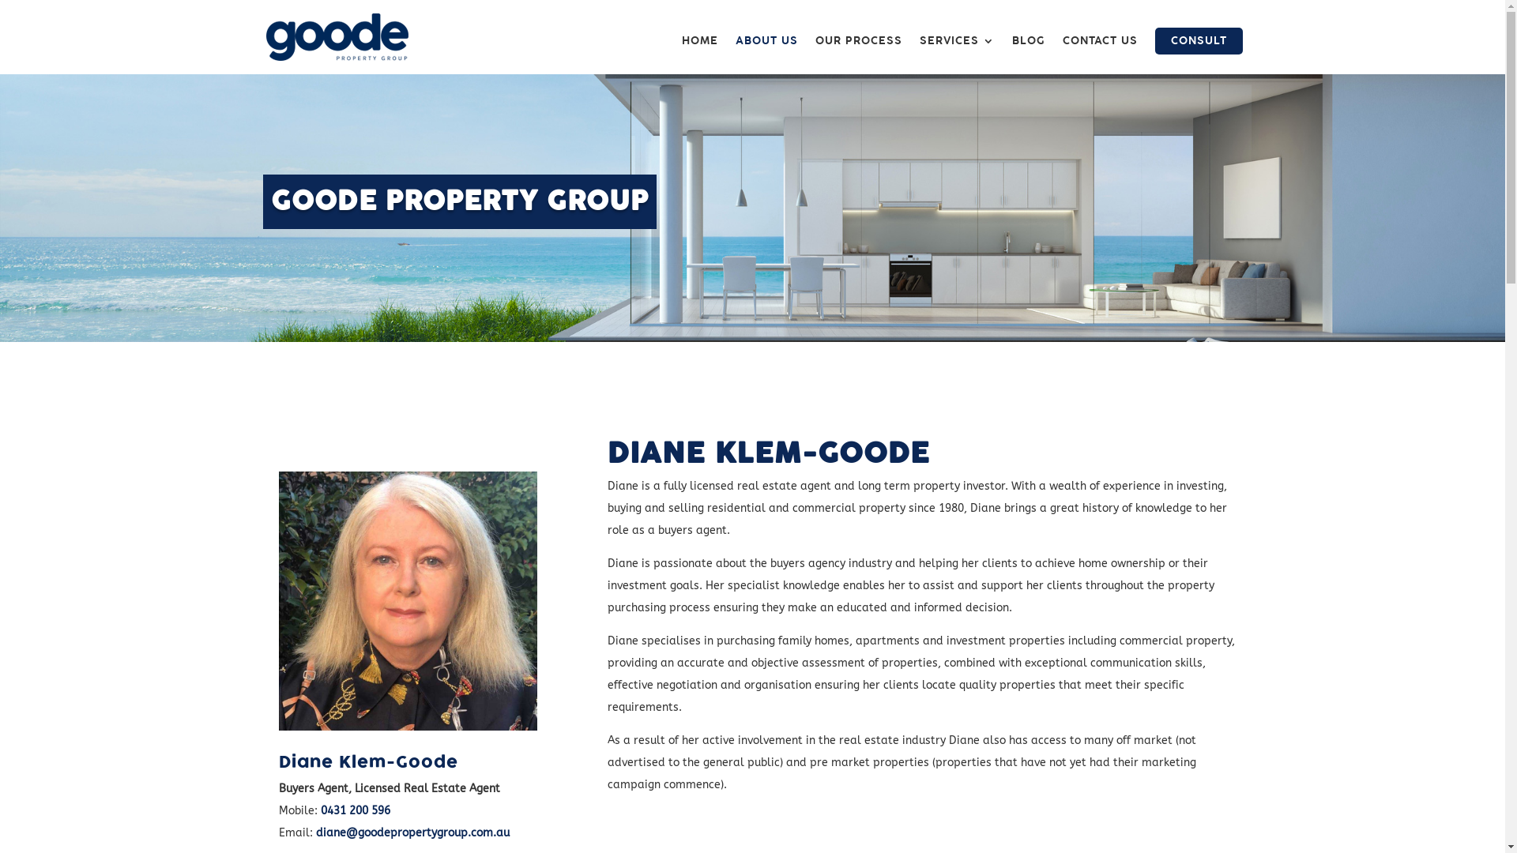 This screenshot has width=1517, height=853. I want to click on 'ABOUT US', so click(766, 54).